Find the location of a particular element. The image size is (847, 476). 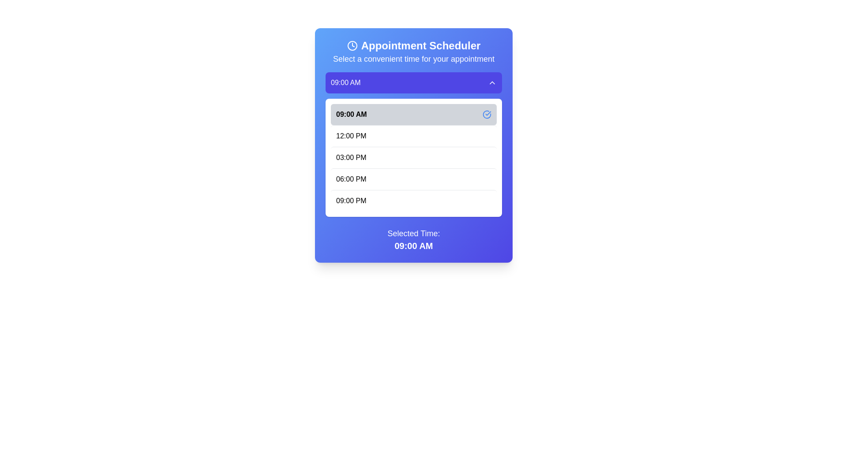

the static text label displaying 'Select a convenient time for your appointment', which is located below the title 'Appointment Scheduler' is located at coordinates (413, 59).